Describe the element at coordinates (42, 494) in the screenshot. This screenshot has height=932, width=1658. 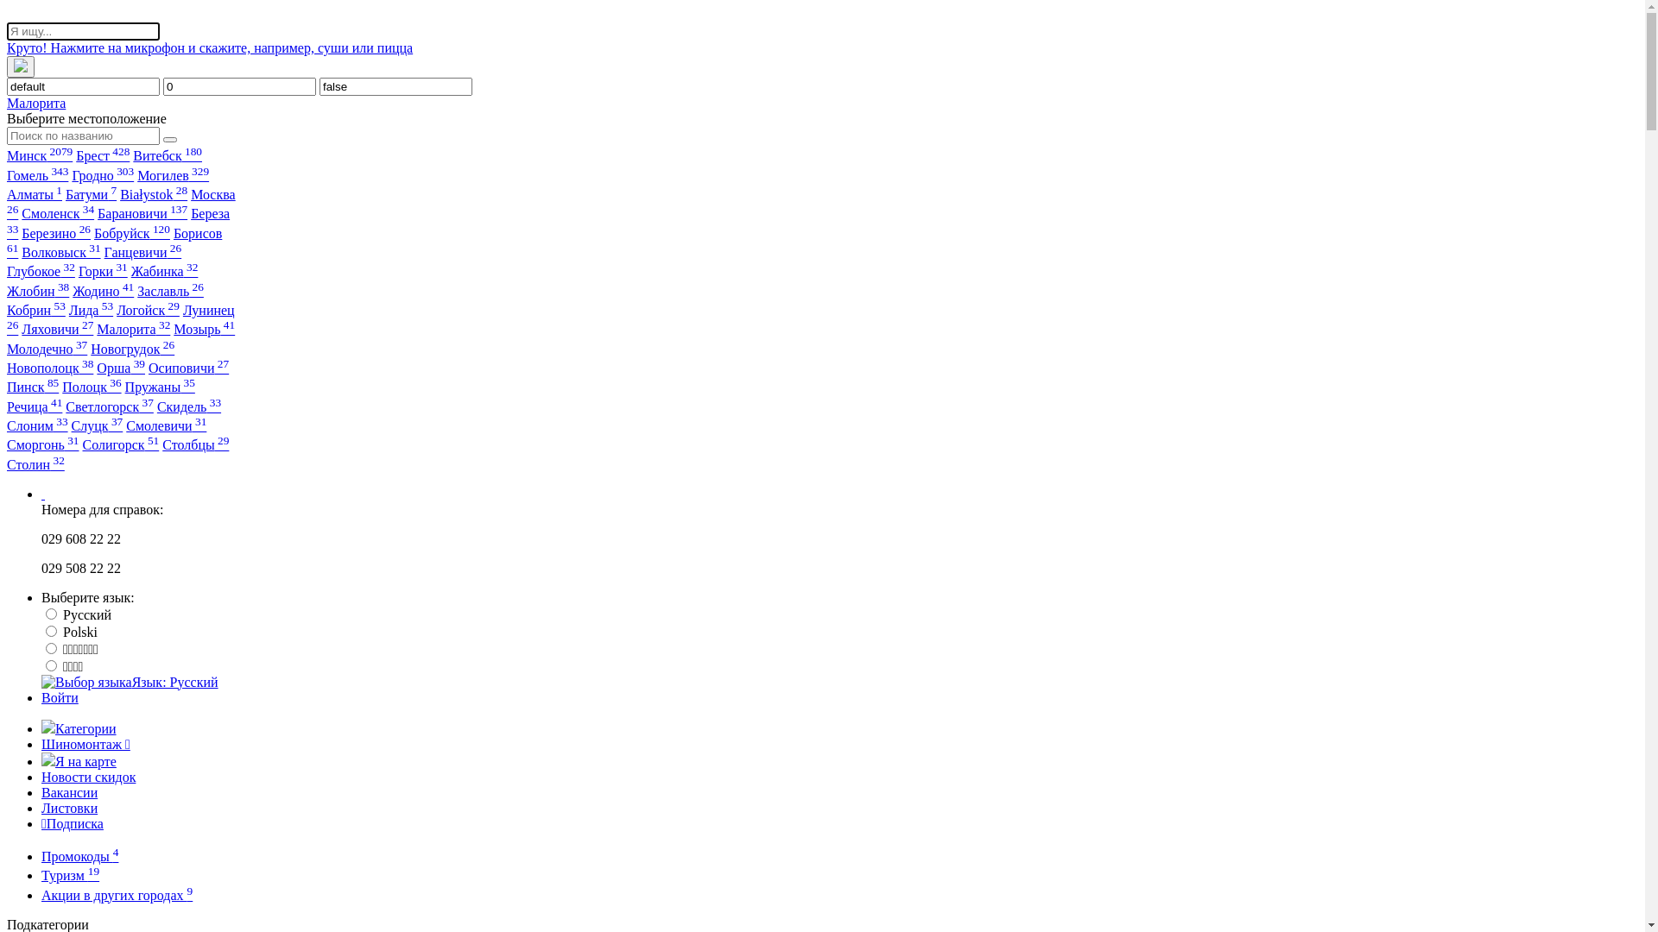
I see `' '` at that location.